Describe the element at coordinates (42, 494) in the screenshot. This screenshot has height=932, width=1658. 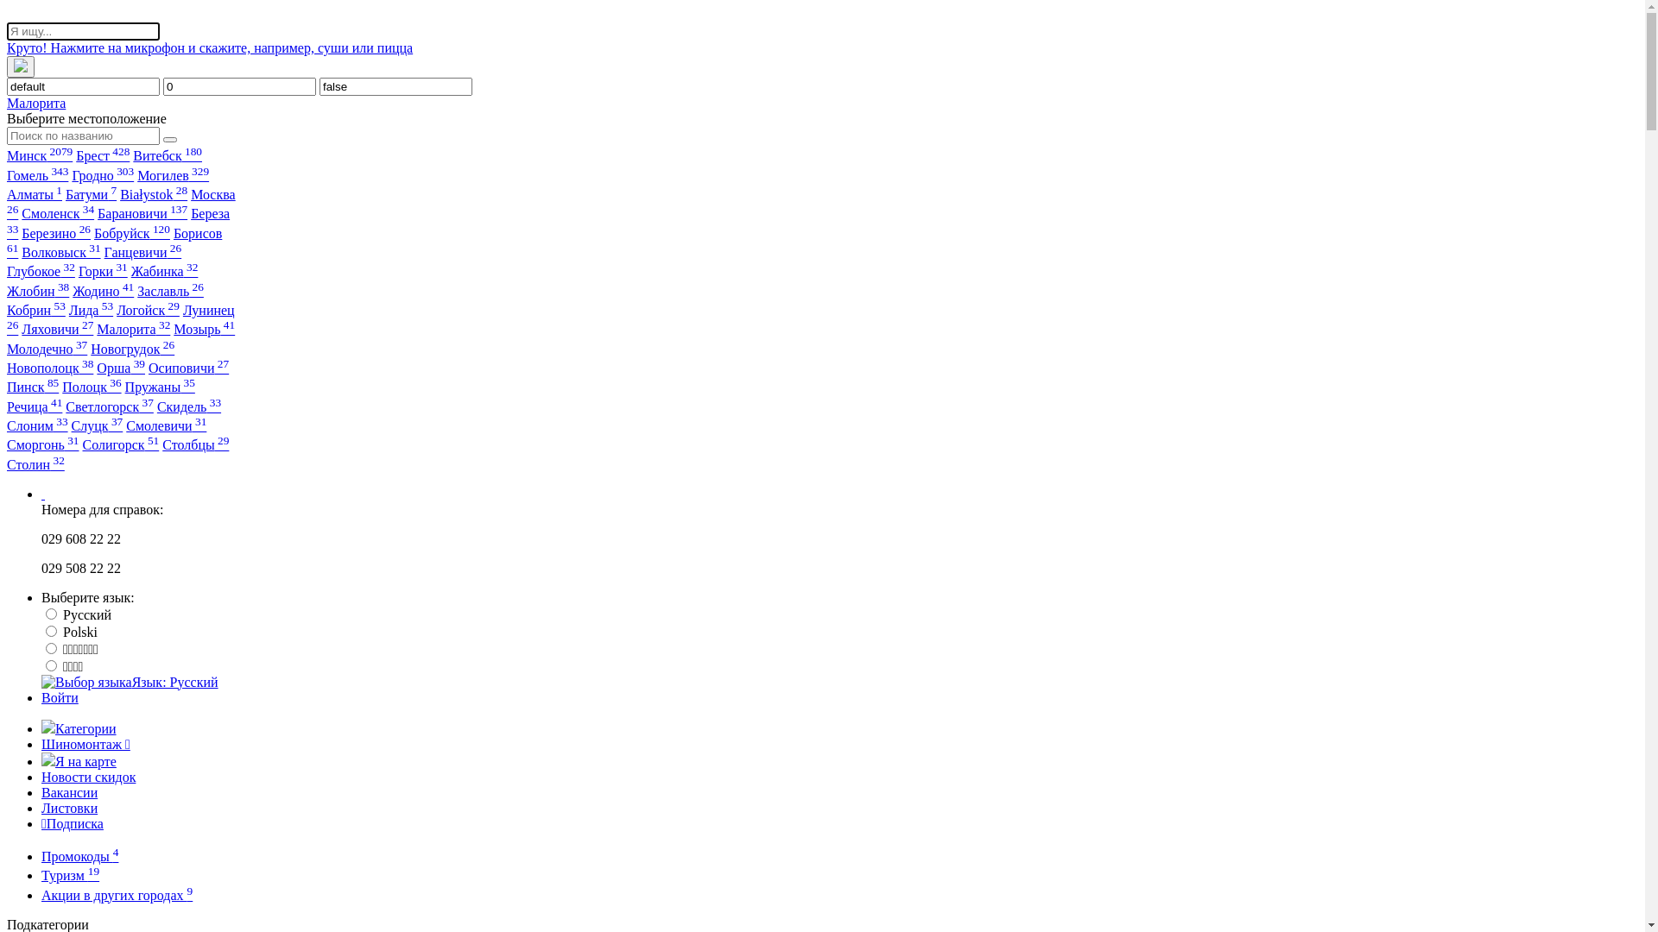
I see `' '` at that location.